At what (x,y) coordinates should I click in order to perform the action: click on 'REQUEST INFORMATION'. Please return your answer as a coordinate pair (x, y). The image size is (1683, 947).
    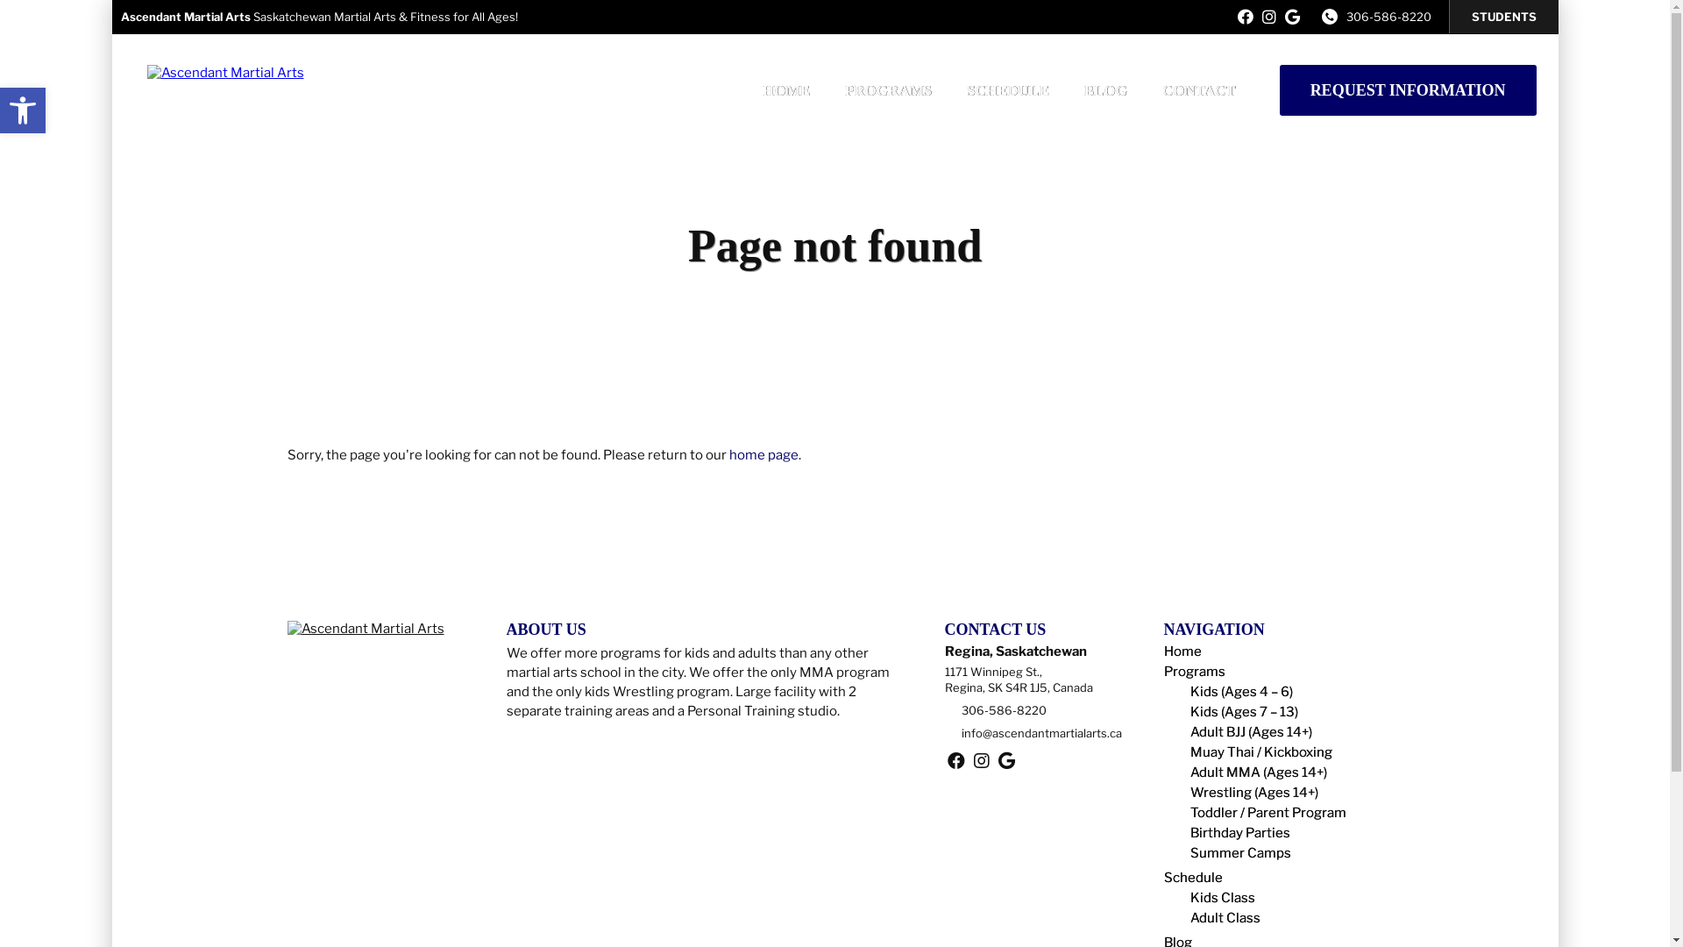
    Looking at the image, I should click on (1408, 90).